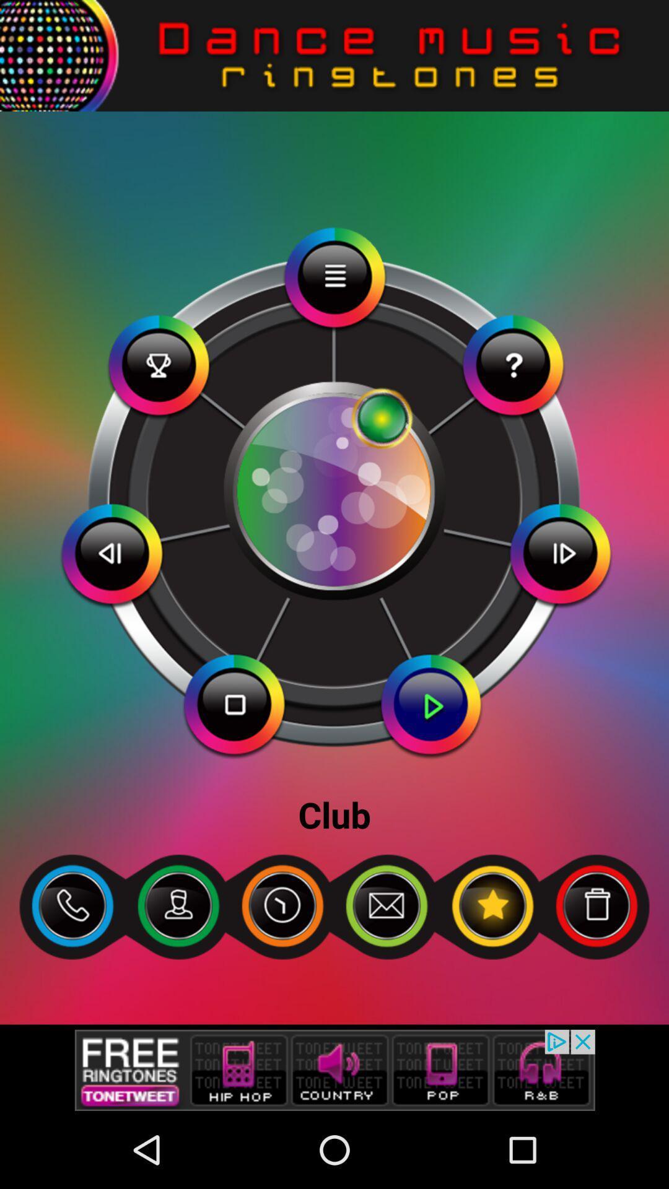  Describe the element at coordinates (386, 970) in the screenshot. I see `the email icon` at that location.